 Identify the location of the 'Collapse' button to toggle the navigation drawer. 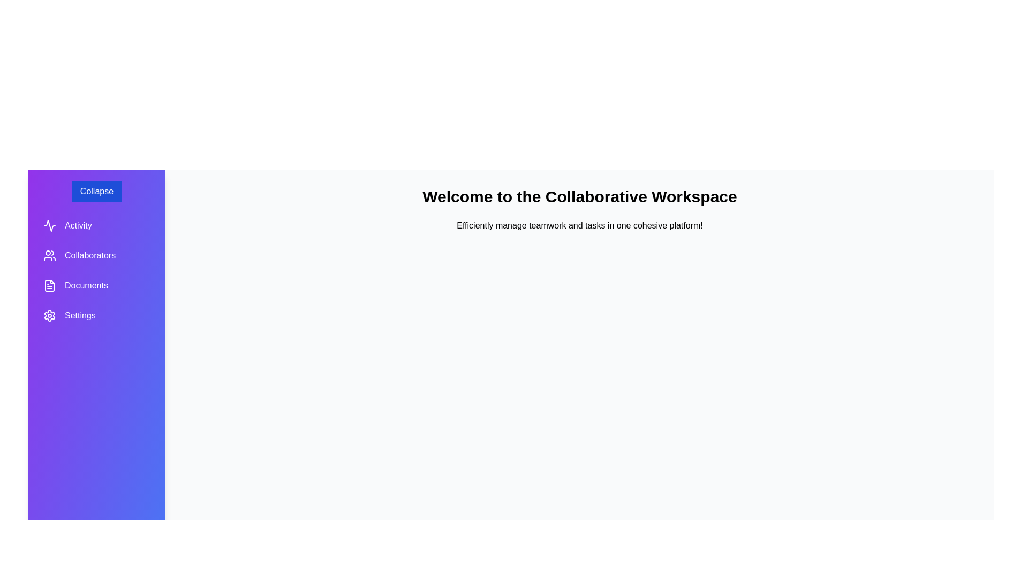
(96, 191).